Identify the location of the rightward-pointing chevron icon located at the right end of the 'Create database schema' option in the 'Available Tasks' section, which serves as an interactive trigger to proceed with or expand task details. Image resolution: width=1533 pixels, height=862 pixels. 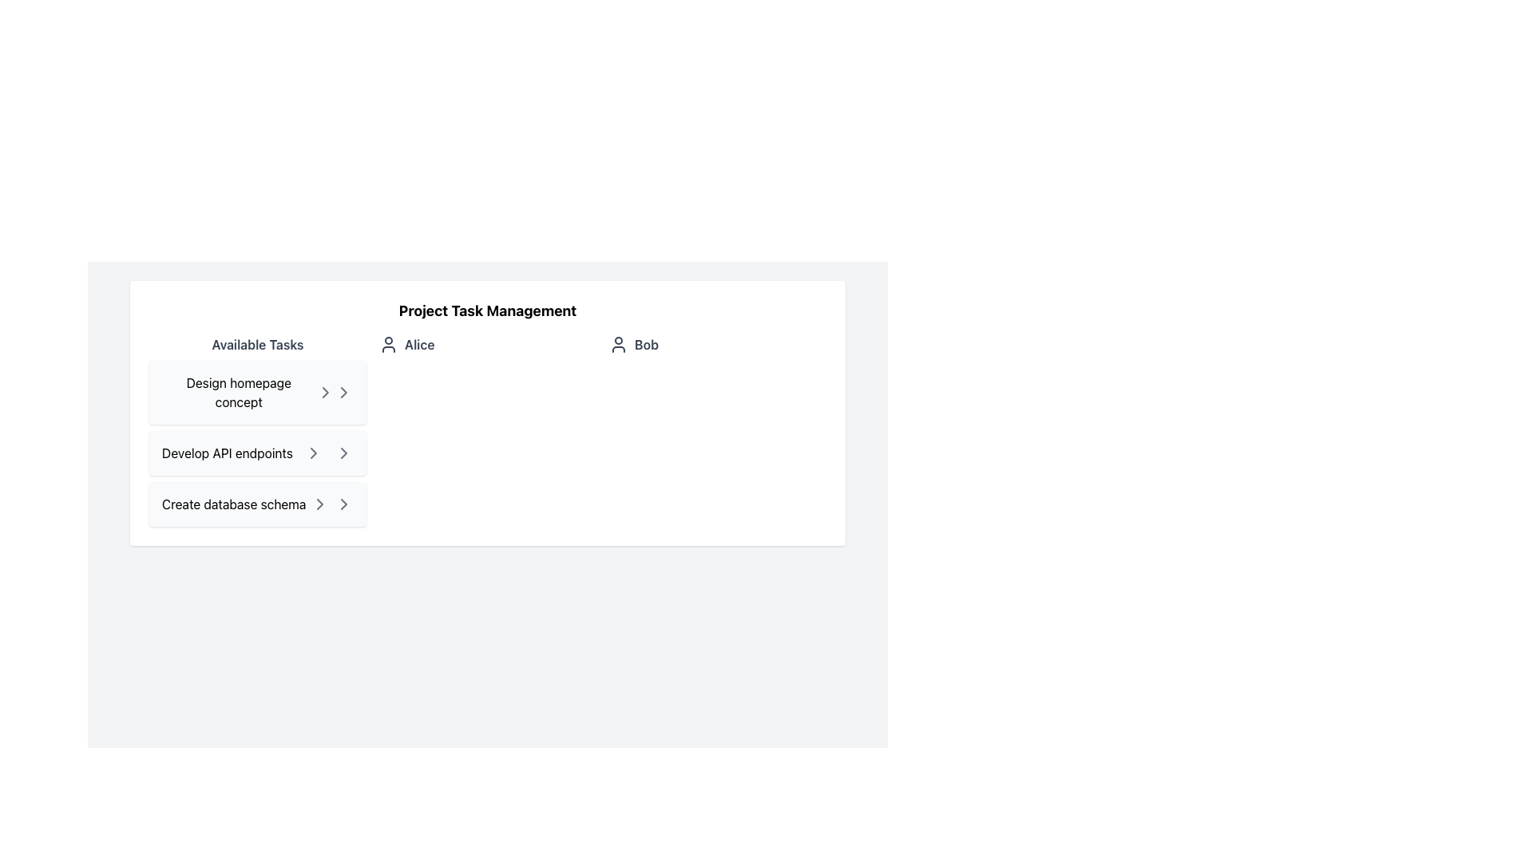
(343, 504).